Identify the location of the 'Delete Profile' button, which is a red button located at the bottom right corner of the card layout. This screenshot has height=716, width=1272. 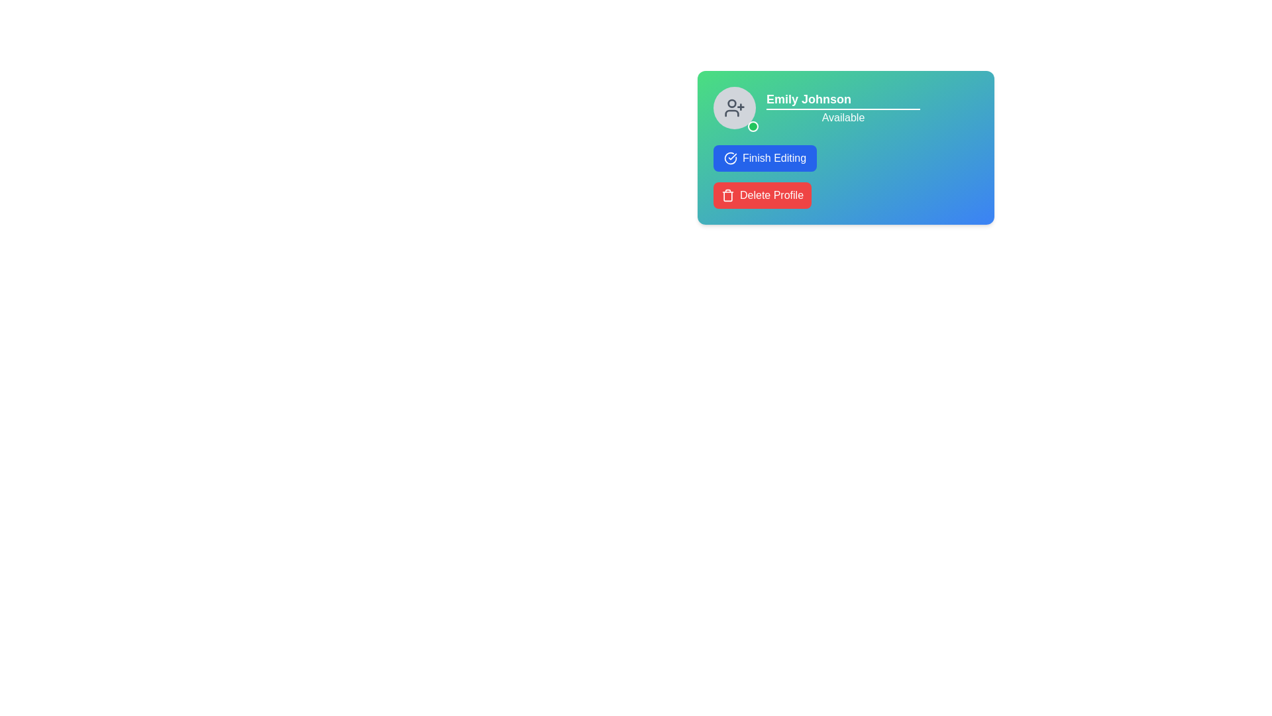
(772, 195).